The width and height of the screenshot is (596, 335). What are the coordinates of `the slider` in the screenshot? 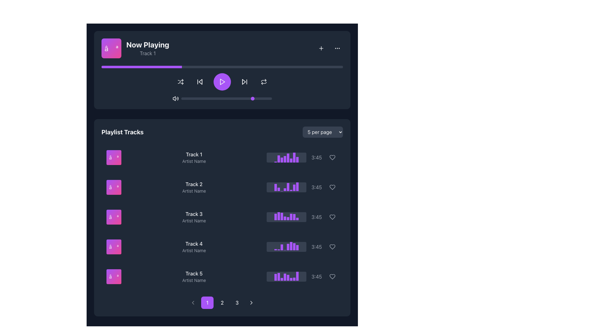 It's located at (255, 98).